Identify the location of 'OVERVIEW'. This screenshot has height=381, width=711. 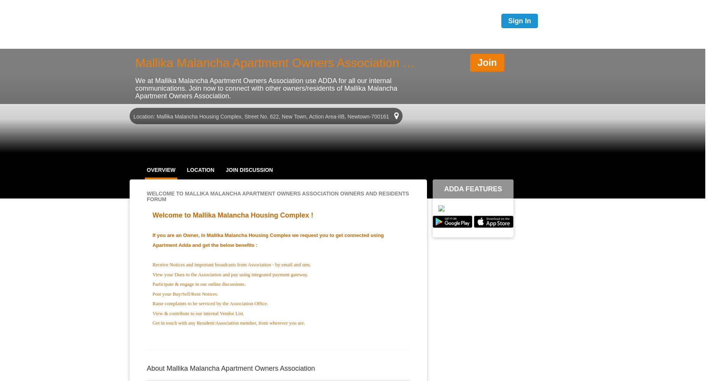
(161, 169).